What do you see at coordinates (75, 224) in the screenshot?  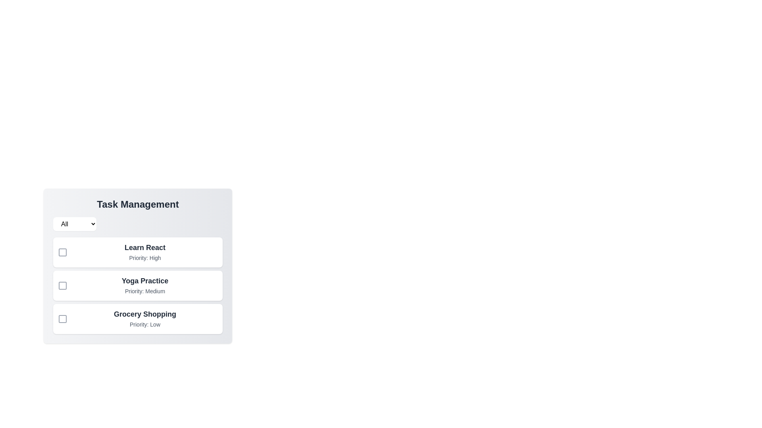 I see `the filter dropdown and choose the Medium option` at bounding box center [75, 224].